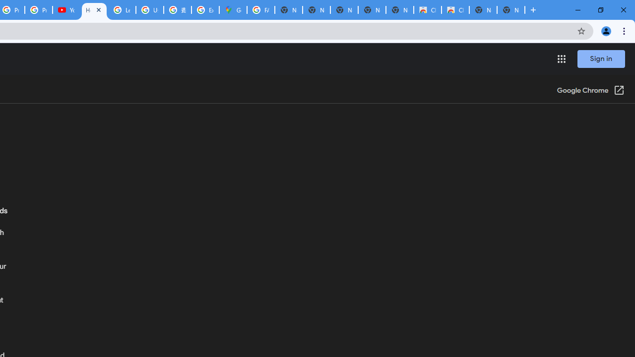 The width and height of the screenshot is (635, 357). What do you see at coordinates (94, 10) in the screenshot?
I see `'How Chrome protects your passwords - Google Chrome Help'` at bounding box center [94, 10].